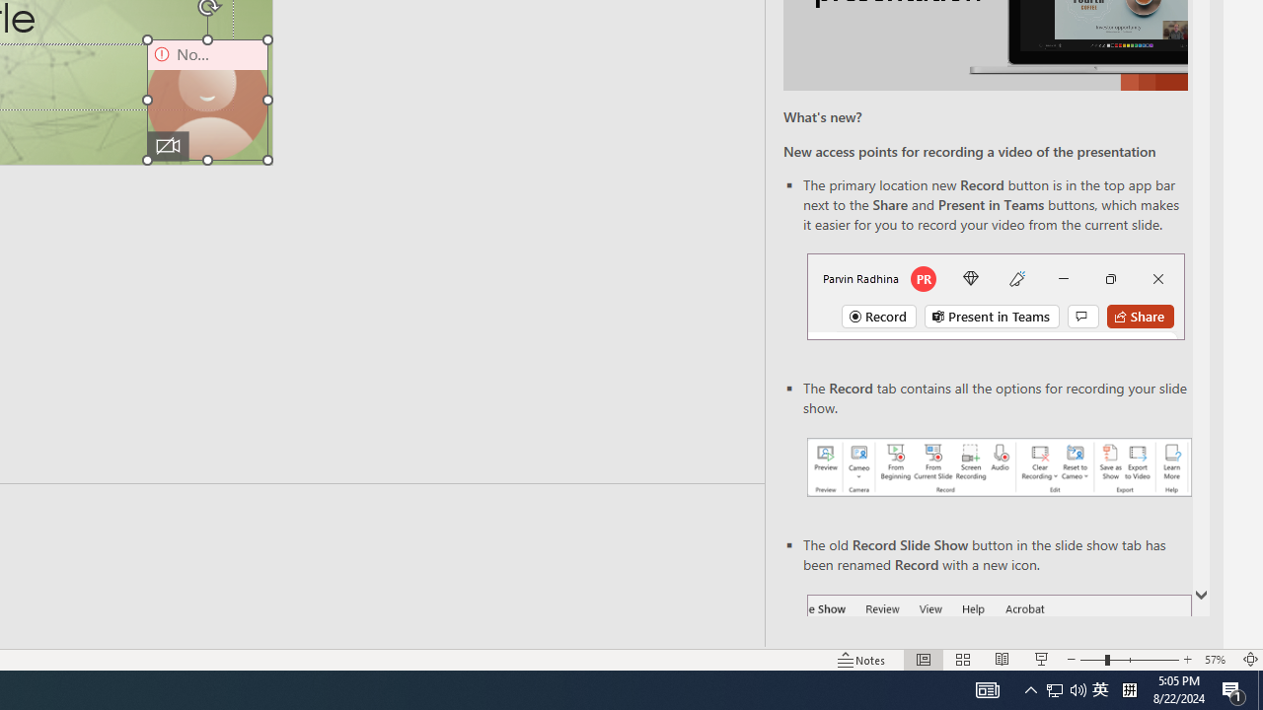 This screenshot has height=710, width=1263. I want to click on 'Record your presentations screenshot one', so click(1000, 467).